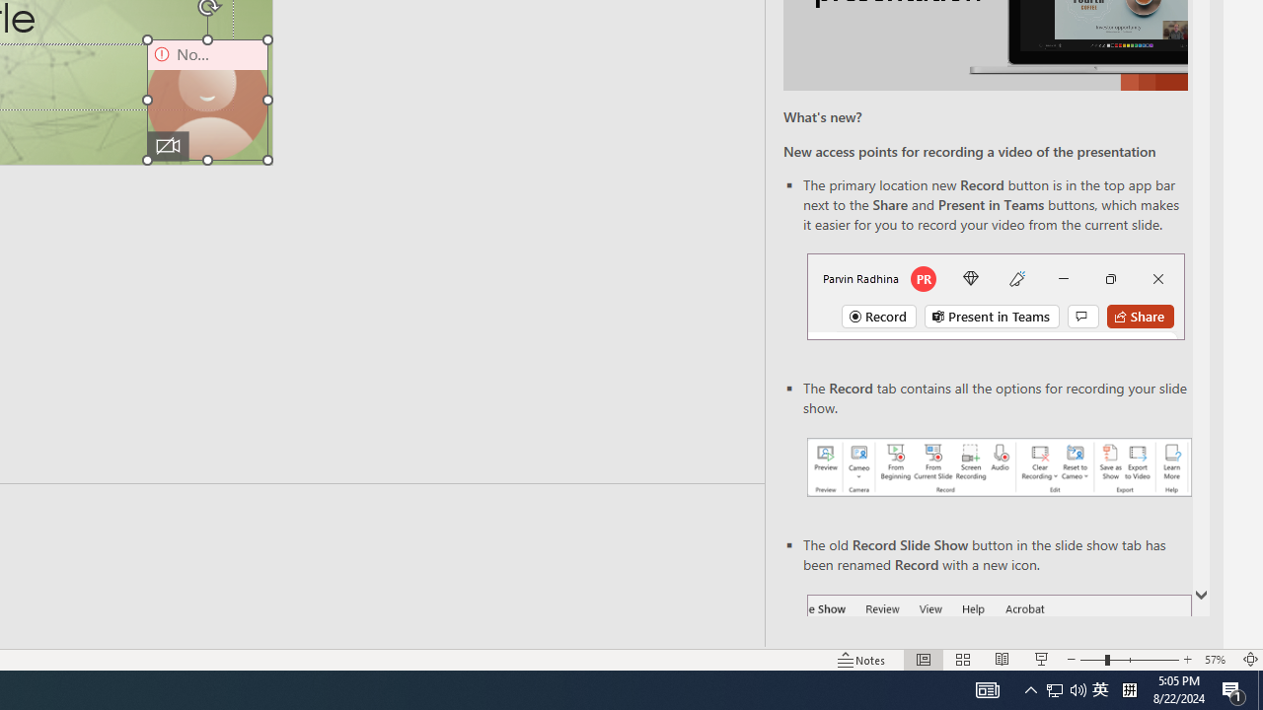 This screenshot has height=710, width=1263. I want to click on 'Record your presentations screenshot one', so click(1000, 467).